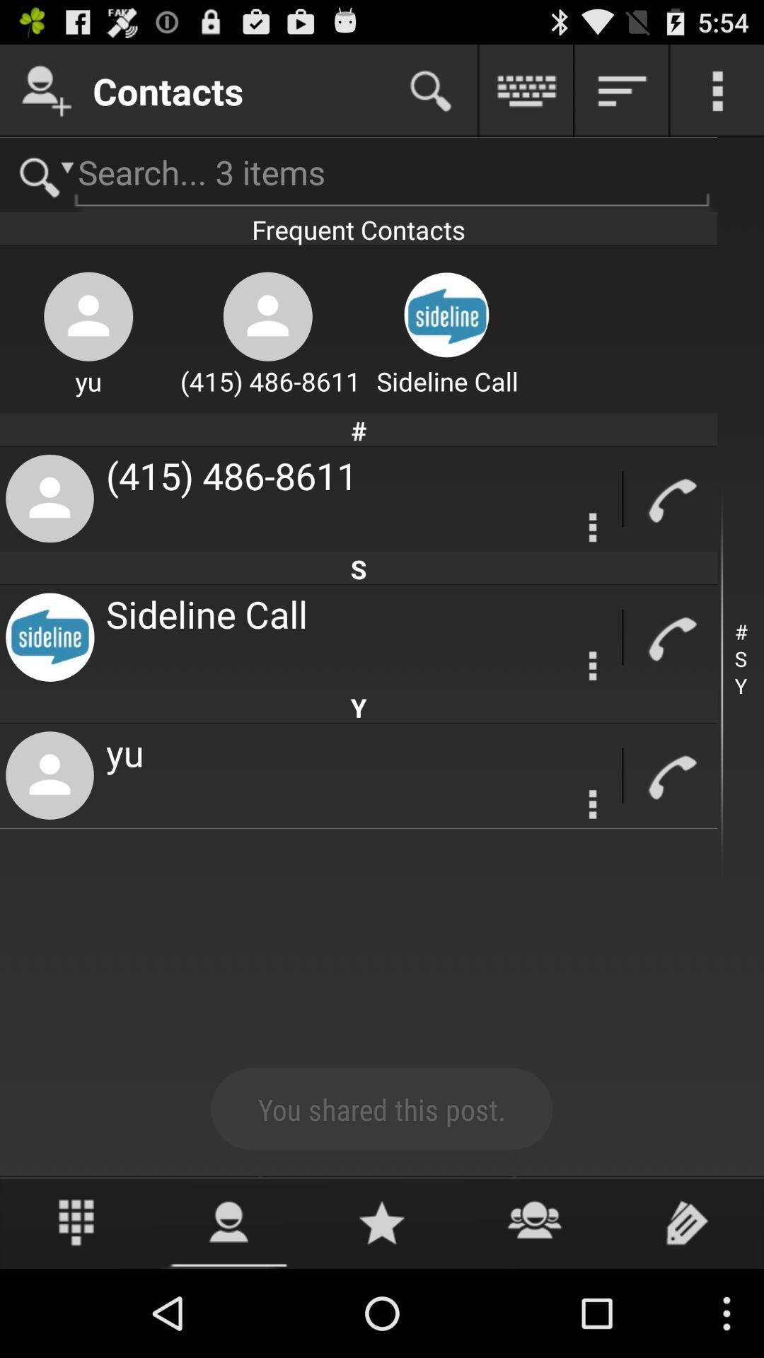 The image size is (764, 1358). Describe the element at coordinates (670, 775) in the screenshot. I see `call this profile` at that location.